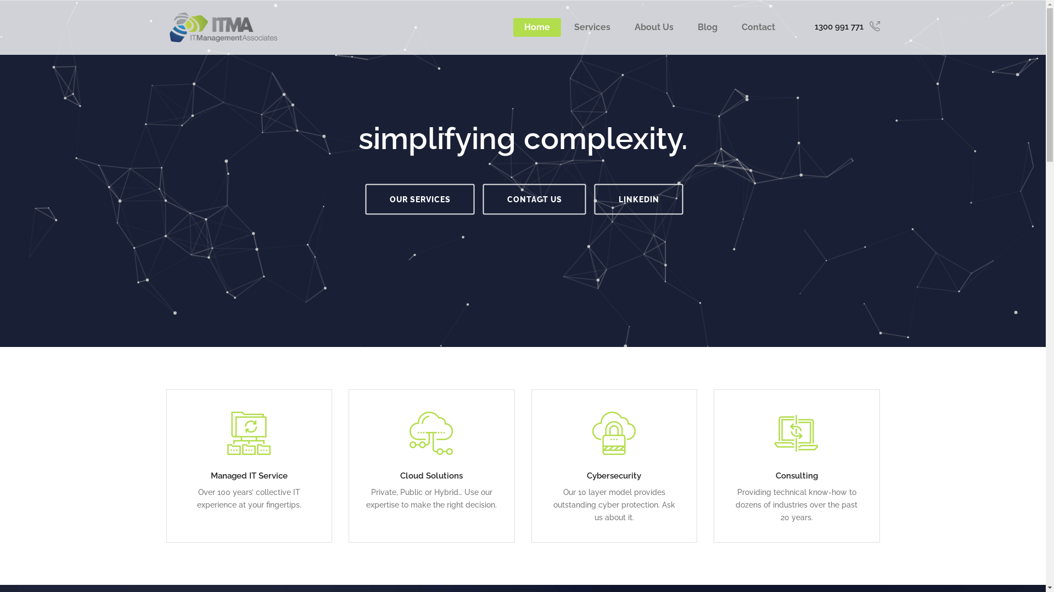  I want to click on 'YikesDesign.Co', so click(595, 568).